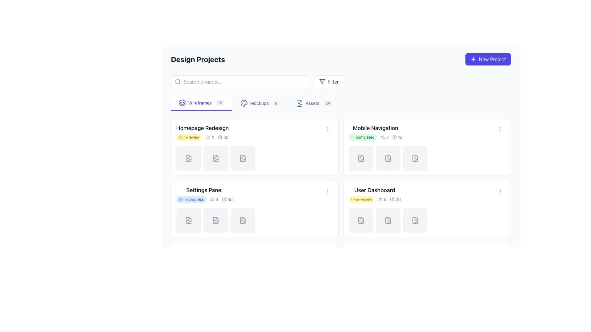  Describe the element at coordinates (204, 194) in the screenshot. I see `the Content card element labeled 'Settings Panel' which includes a status indicator 'in-progress', a user count icon with '3', and a clock symbol with '3d', located in the second row of the grid interface` at that location.